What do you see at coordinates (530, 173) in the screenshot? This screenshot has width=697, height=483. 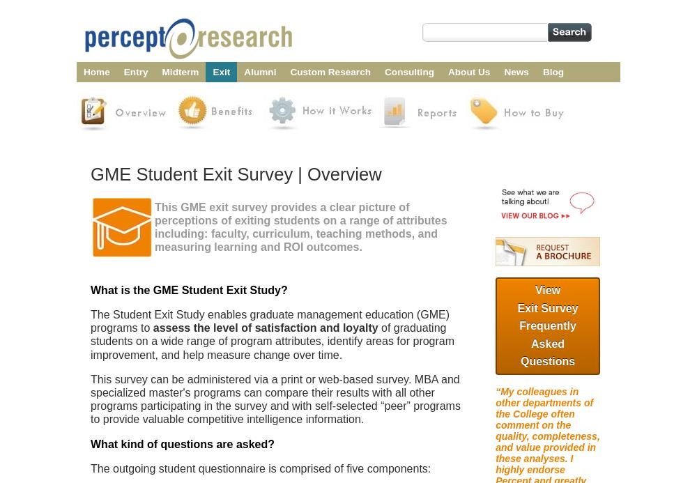 I see `'MBA Lifecycle Surveys Terms of Use'` at bounding box center [530, 173].